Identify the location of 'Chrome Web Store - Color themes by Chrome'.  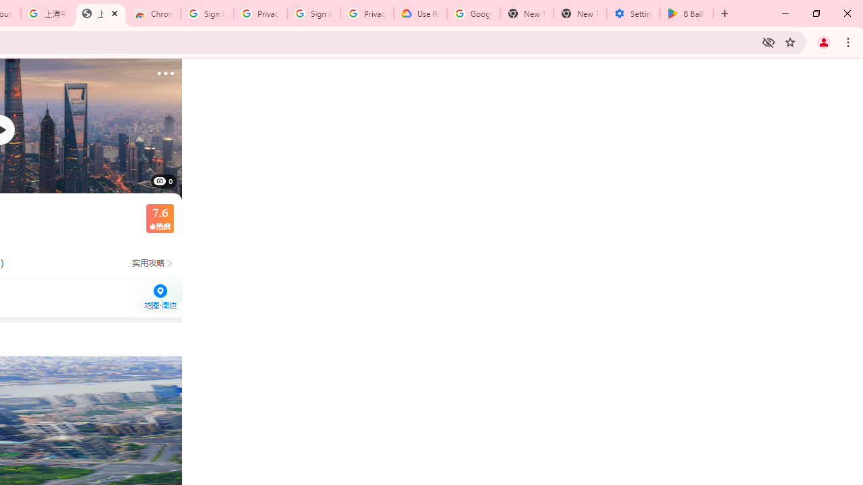
(154, 13).